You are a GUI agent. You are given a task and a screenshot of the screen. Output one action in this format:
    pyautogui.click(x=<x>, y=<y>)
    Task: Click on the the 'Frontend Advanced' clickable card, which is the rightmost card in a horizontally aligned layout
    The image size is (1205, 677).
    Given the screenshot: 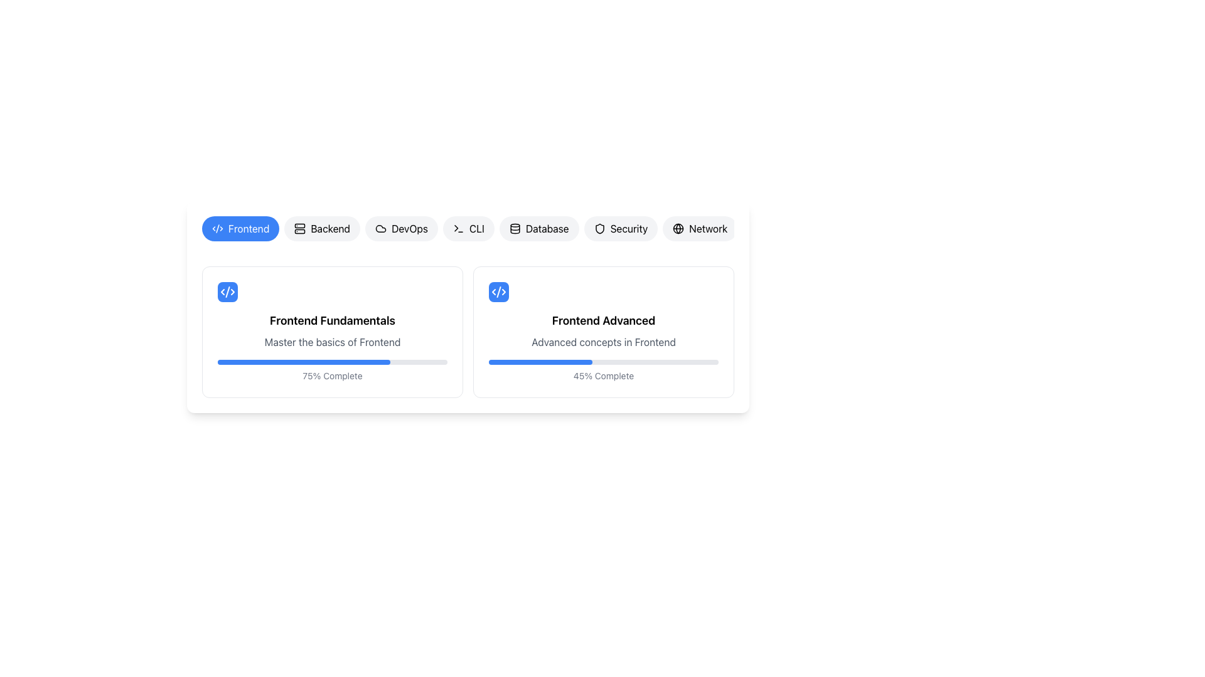 What is the action you would take?
    pyautogui.click(x=603, y=331)
    